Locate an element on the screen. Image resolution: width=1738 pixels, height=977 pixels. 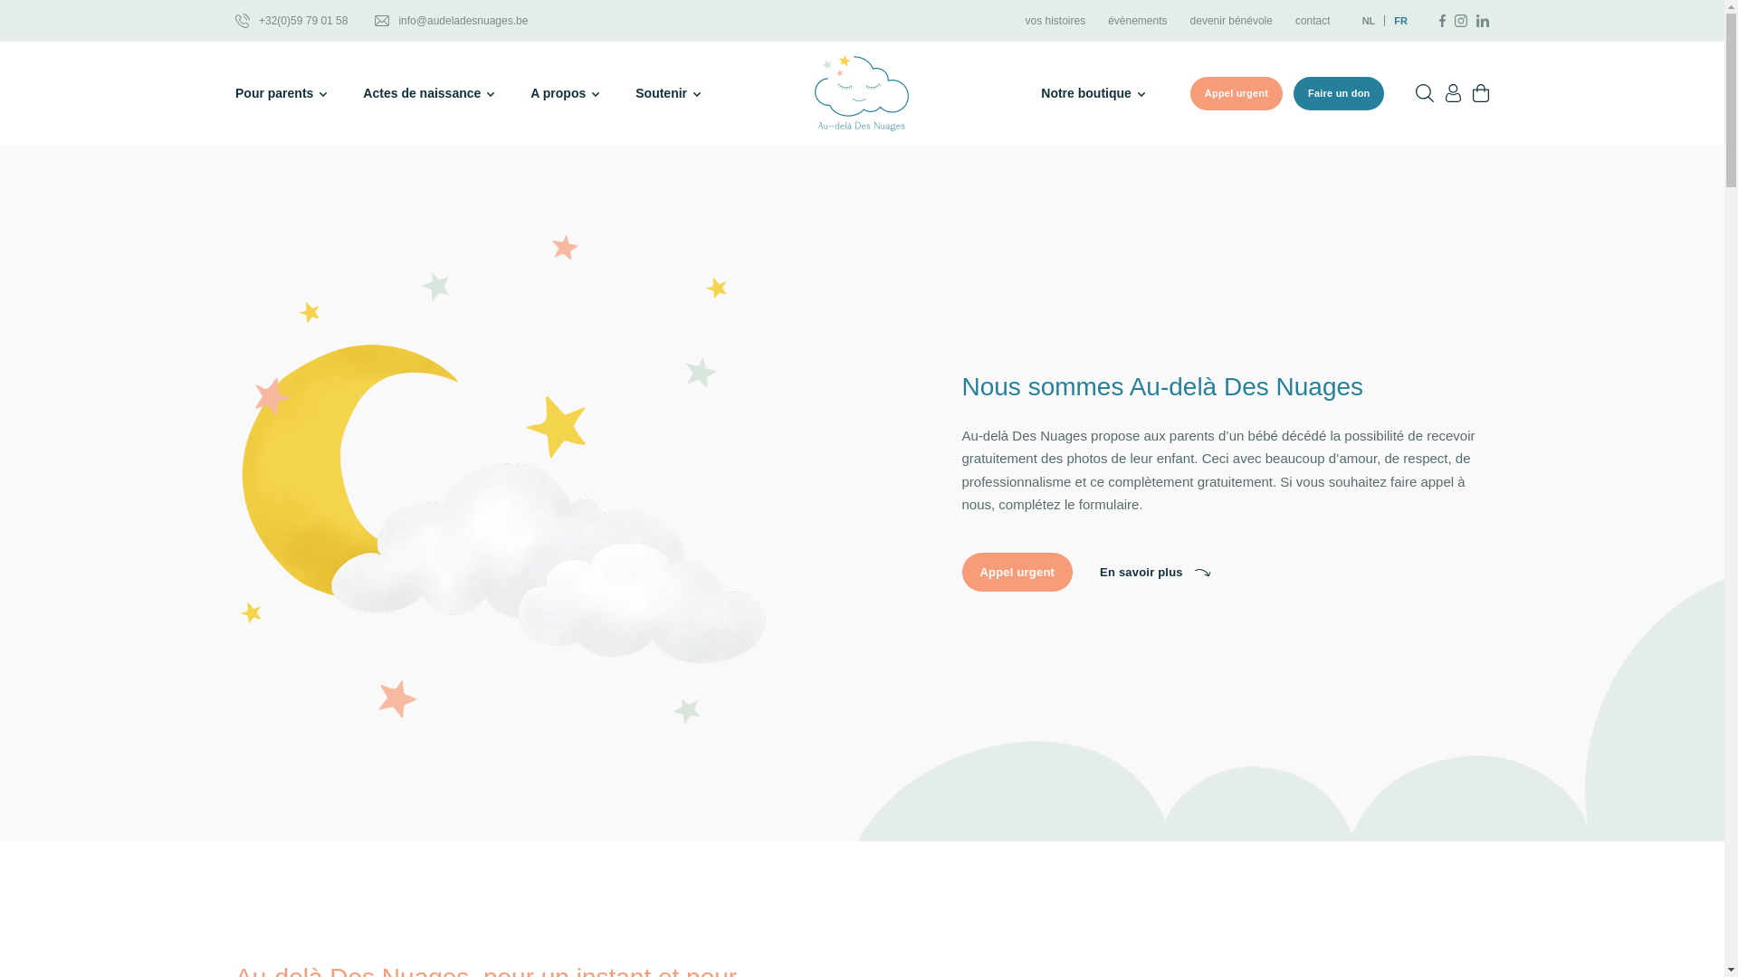
'contact' is located at coordinates (1313, 21).